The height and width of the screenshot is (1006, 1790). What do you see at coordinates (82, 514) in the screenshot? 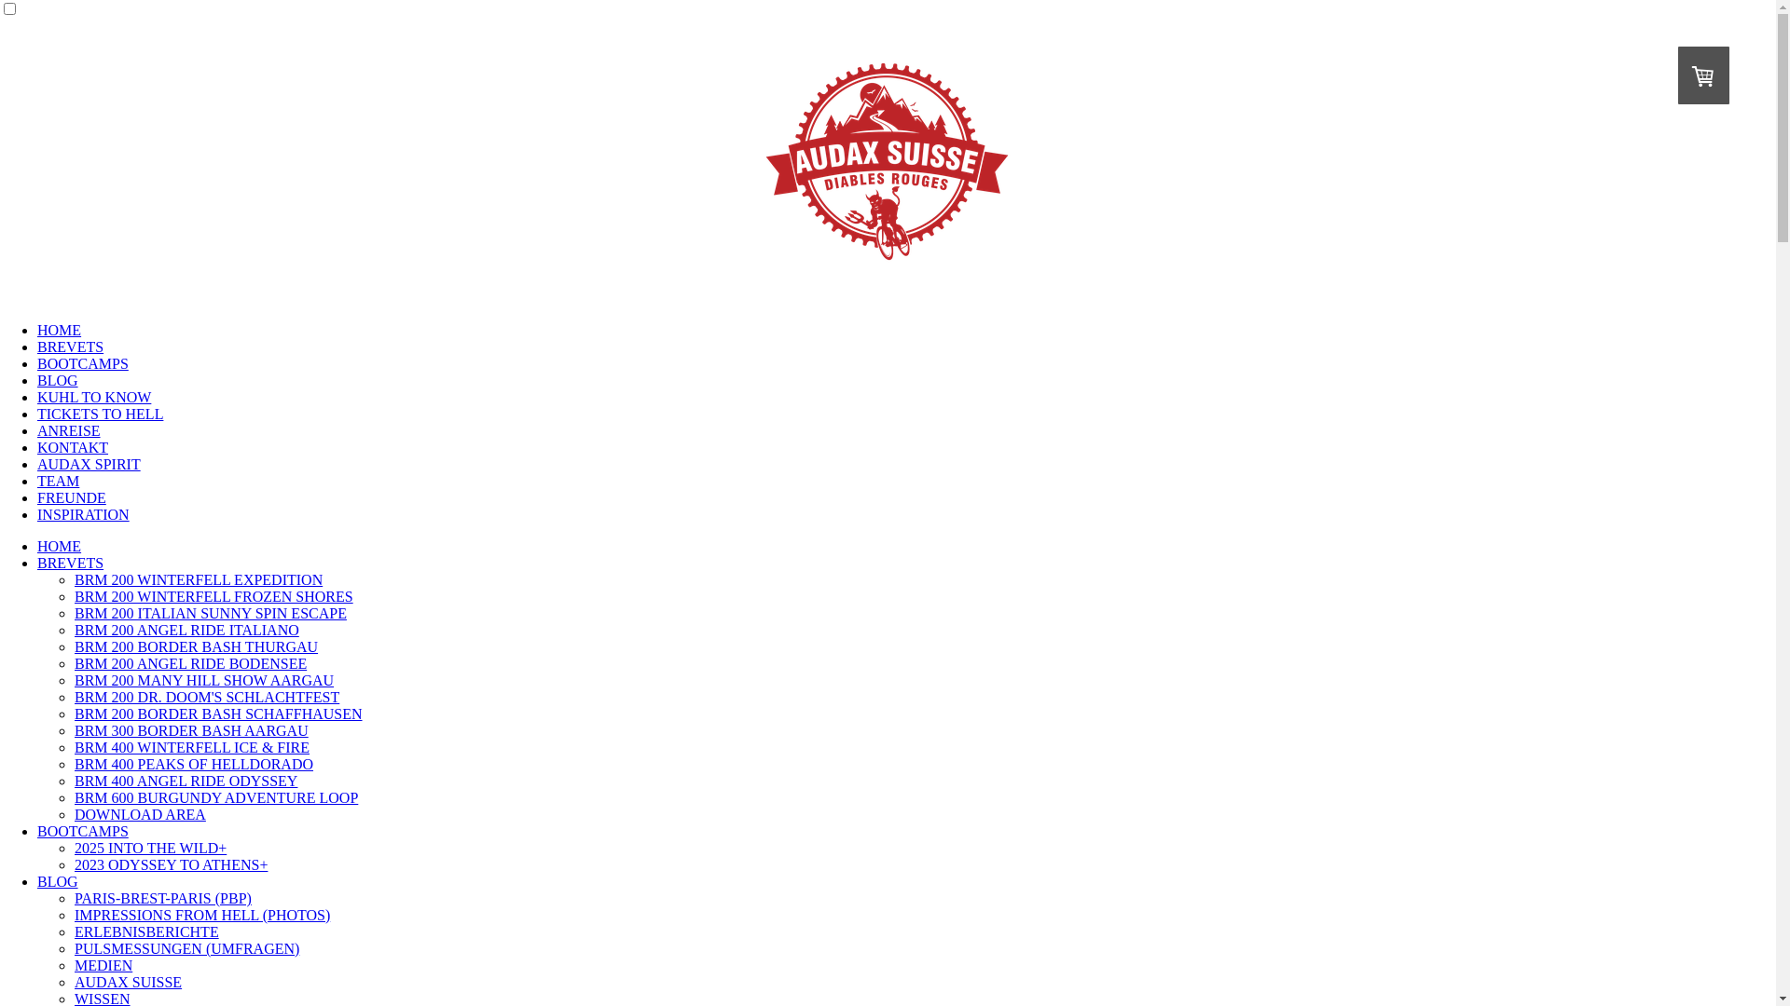
I see `'INSPIRATION'` at bounding box center [82, 514].